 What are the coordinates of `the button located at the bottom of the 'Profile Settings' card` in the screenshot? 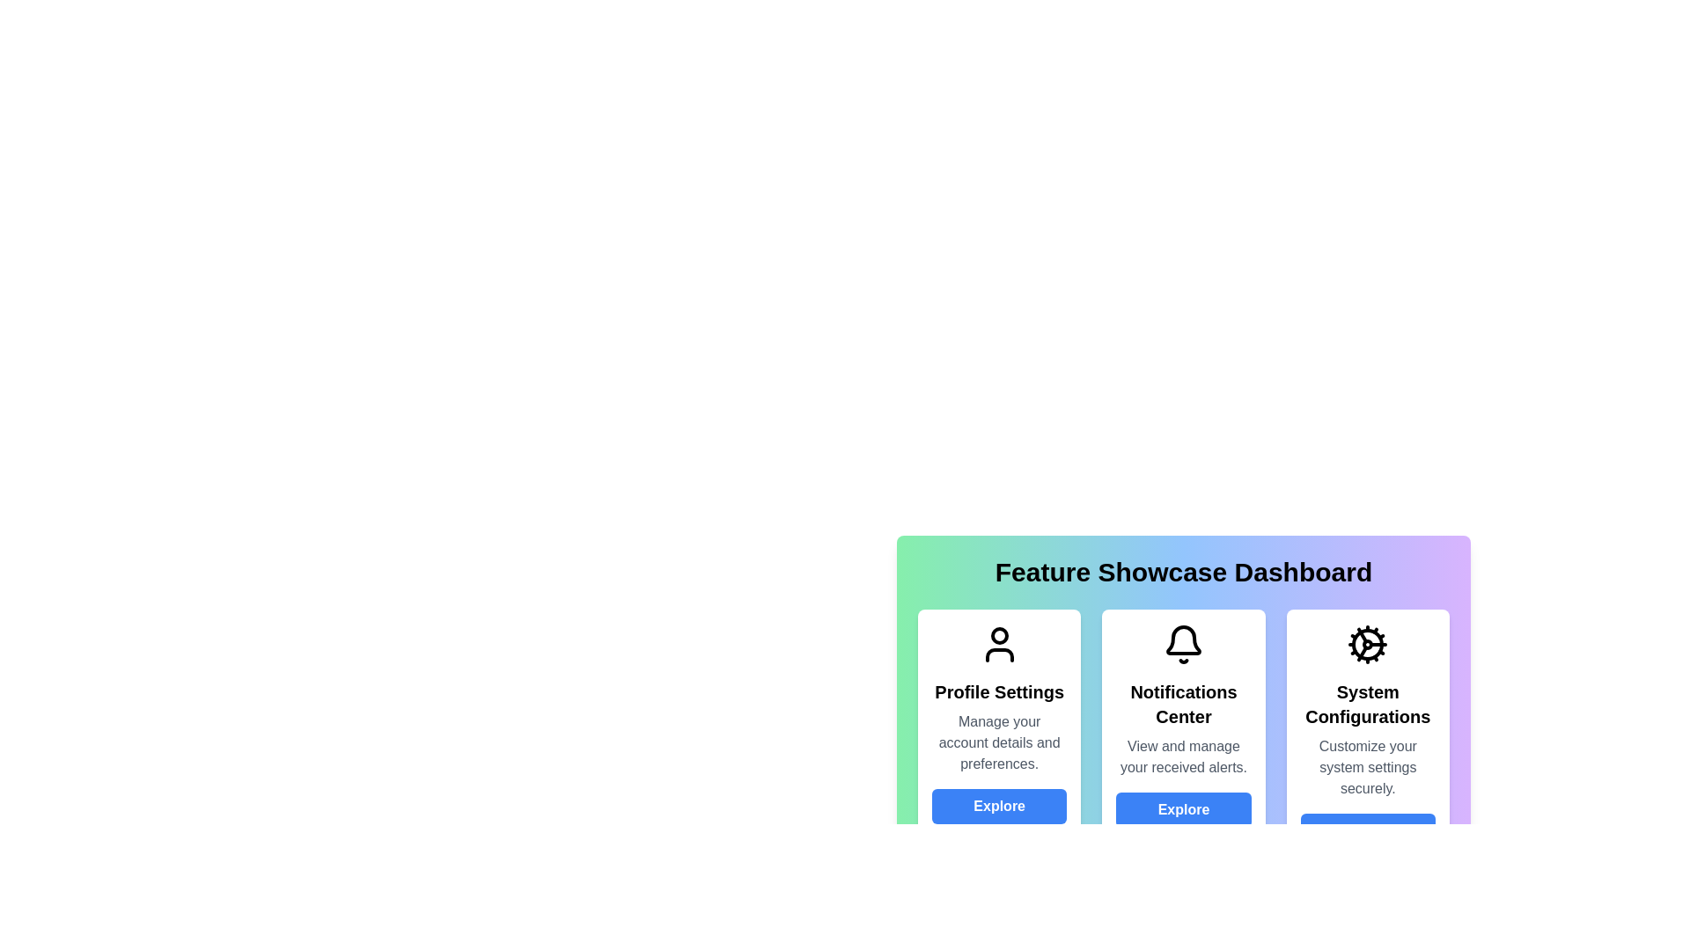 It's located at (998, 807).